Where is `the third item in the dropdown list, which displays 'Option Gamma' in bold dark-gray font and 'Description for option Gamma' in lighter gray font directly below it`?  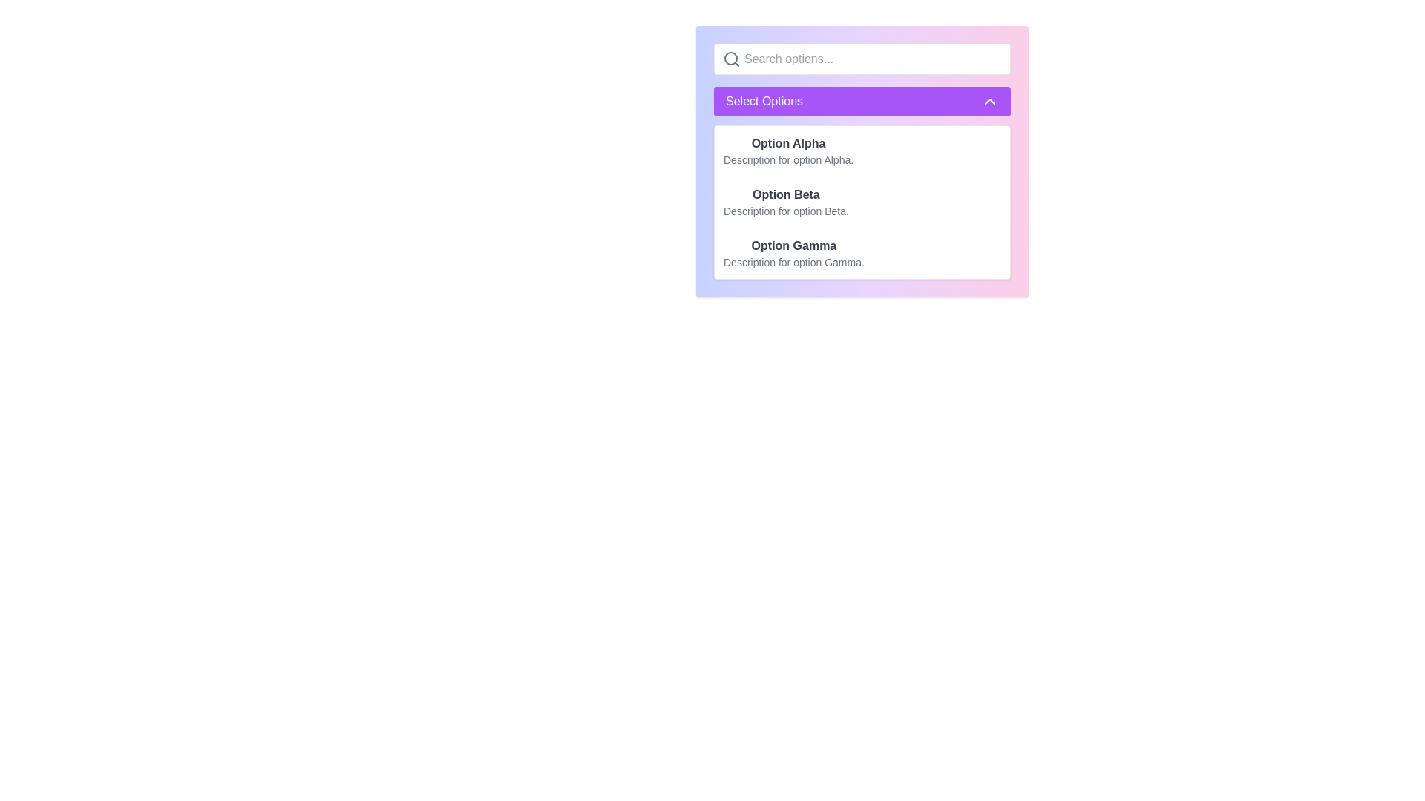 the third item in the dropdown list, which displays 'Option Gamma' in bold dark-gray font and 'Description for option Gamma' in lighter gray font directly below it is located at coordinates (793, 253).